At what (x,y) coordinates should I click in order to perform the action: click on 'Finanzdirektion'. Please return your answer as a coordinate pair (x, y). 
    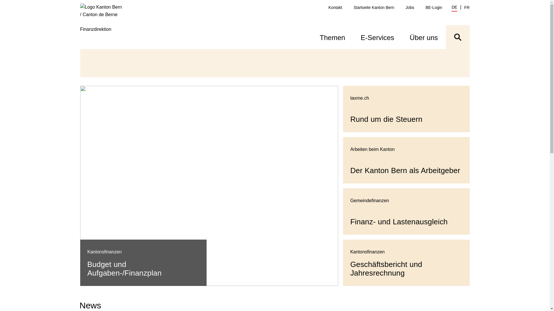
    Looking at the image, I should click on (105, 25).